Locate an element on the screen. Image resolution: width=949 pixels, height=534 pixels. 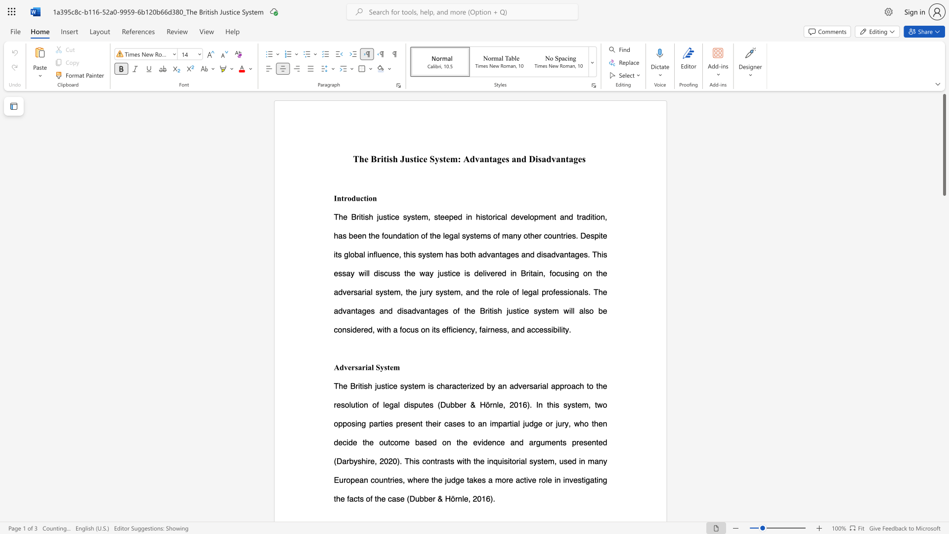
the scrollbar to scroll downward is located at coordinates (944, 360).